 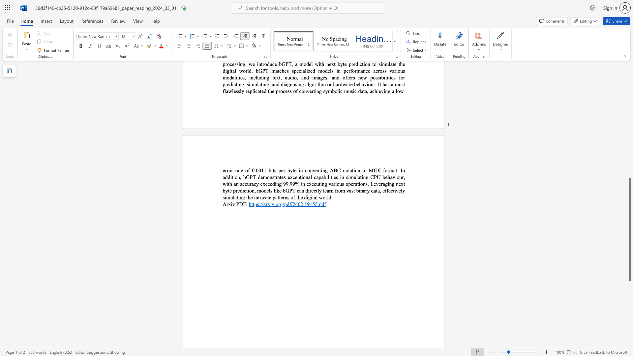 What do you see at coordinates (246, 204) in the screenshot?
I see `the 1th character ":" in the text` at bounding box center [246, 204].